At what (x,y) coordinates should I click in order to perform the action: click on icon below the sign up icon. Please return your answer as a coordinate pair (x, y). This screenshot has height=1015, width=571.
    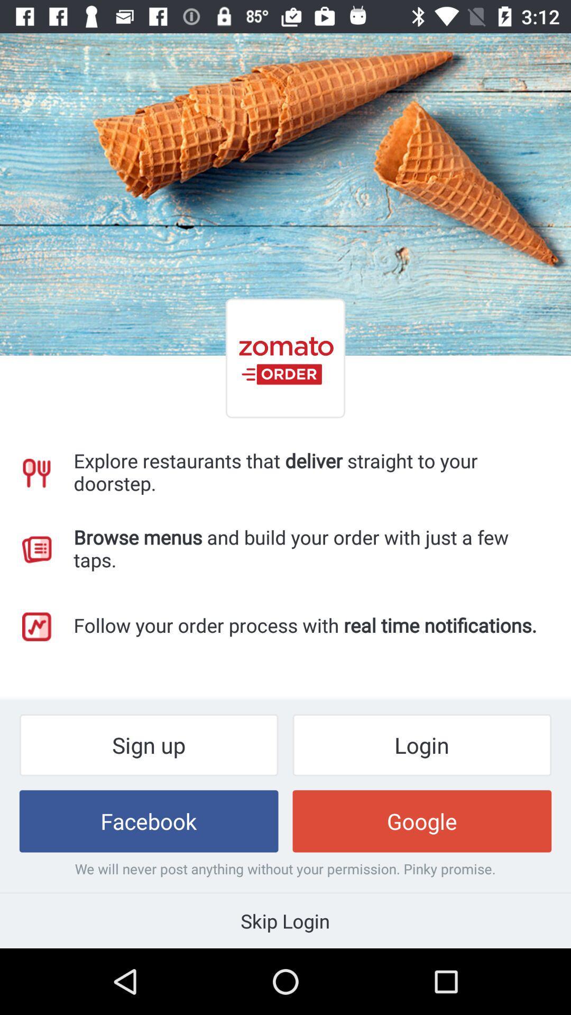
    Looking at the image, I should click on (149, 820).